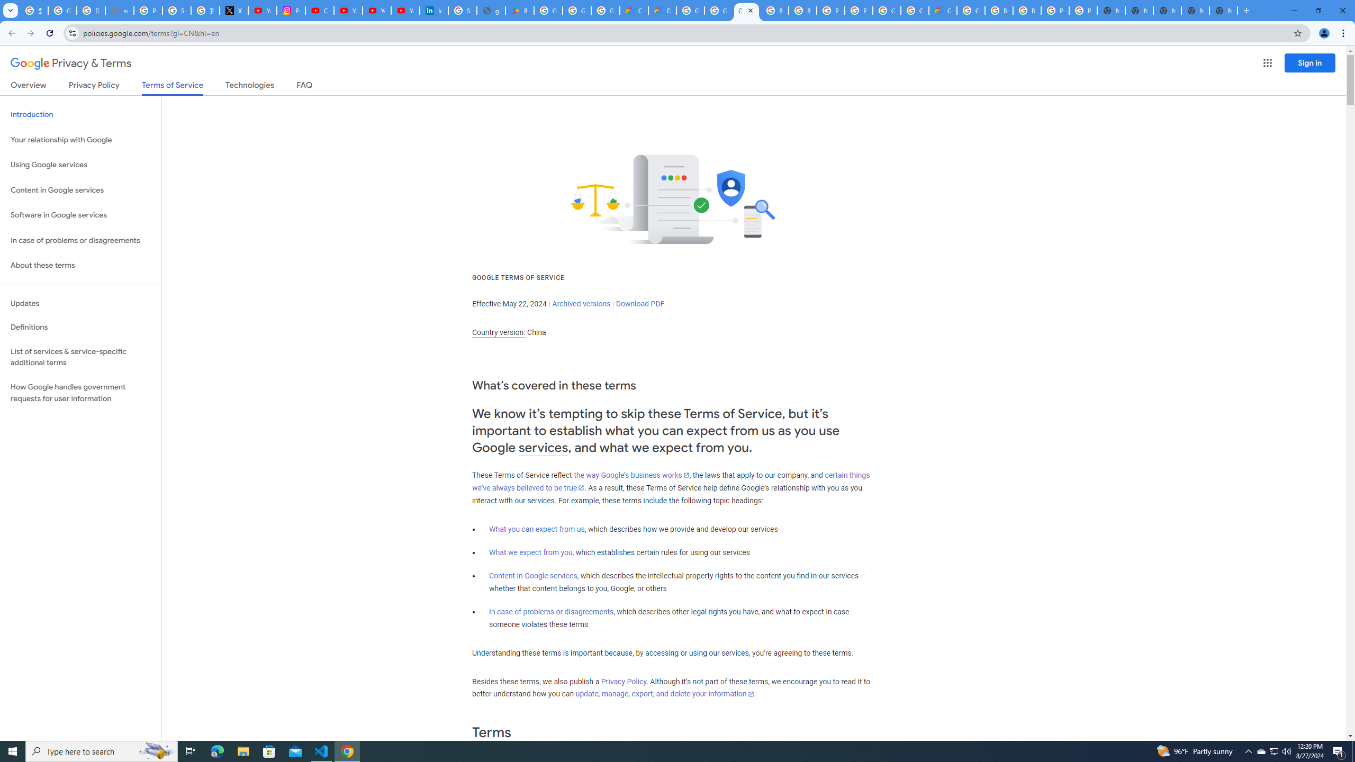  What do you see at coordinates (405, 10) in the screenshot?
I see `'YouTube Culture & Trends - YouTube Top 10, 2021'` at bounding box center [405, 10].